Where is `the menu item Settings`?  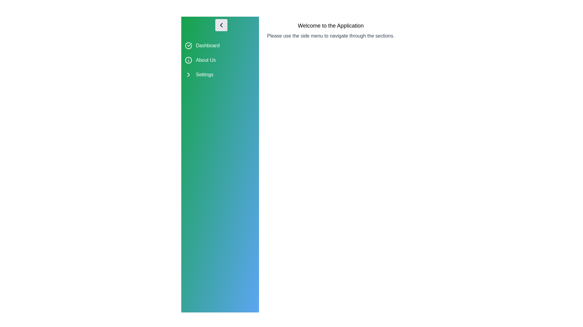
the menu item Settings is located at coordinates (220, 74).